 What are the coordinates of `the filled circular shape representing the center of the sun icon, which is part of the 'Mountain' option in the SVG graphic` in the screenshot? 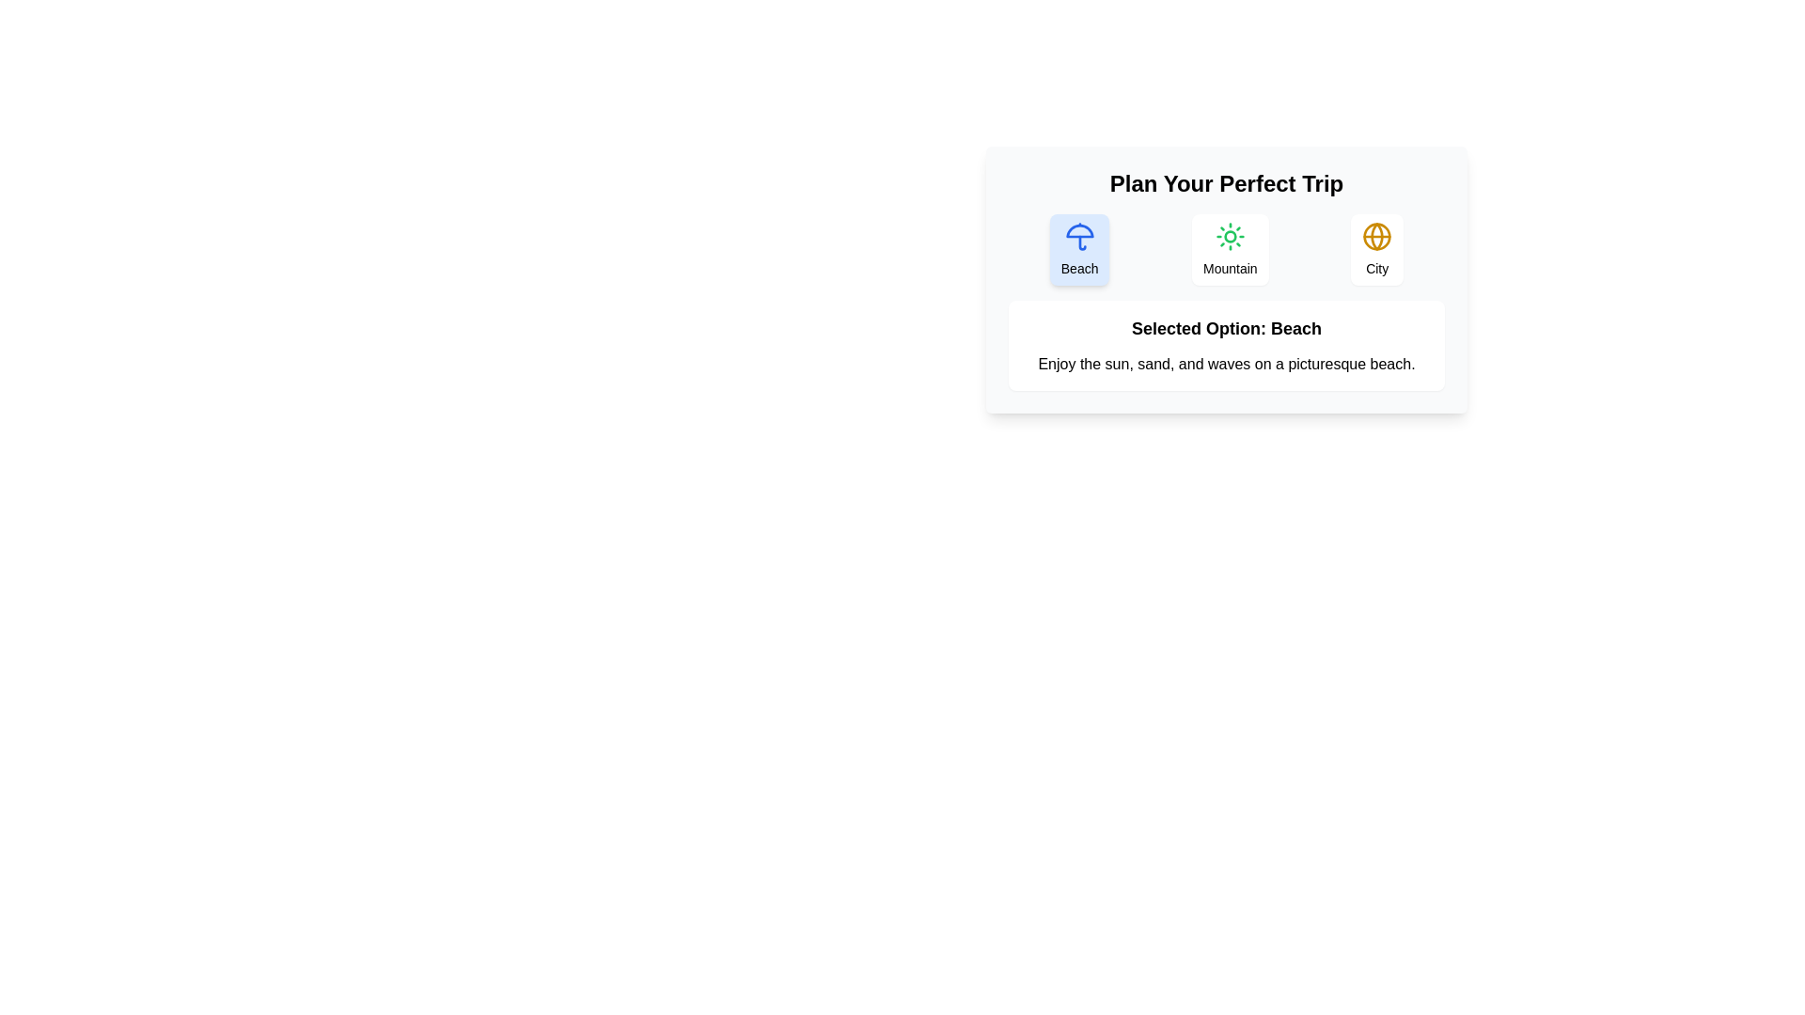 It's located at (1230, 235).